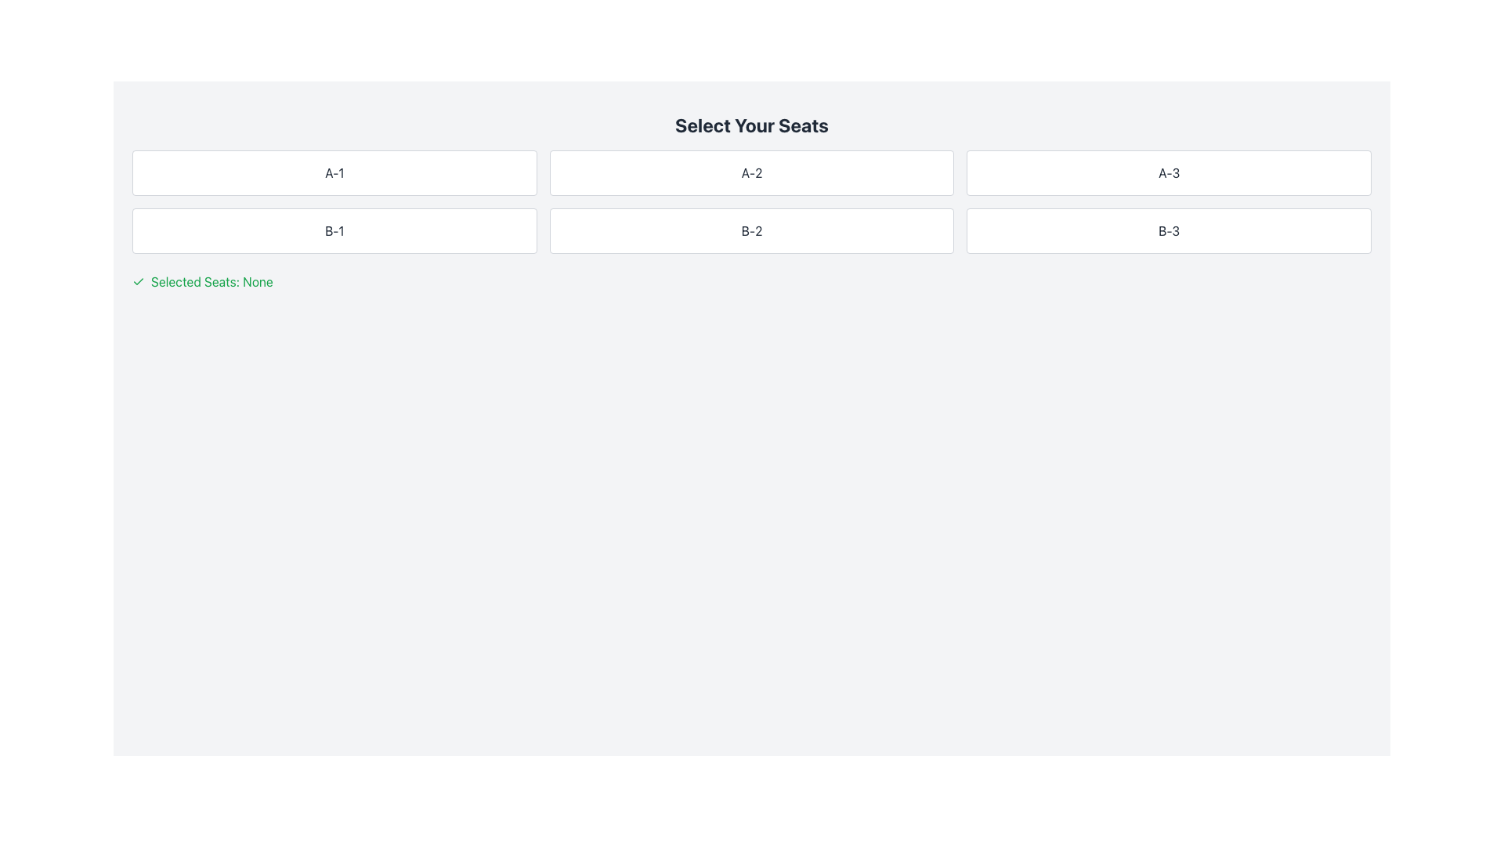 The height and width of the screenshot is (846, 1504). What do you see at coordinates (334, 172) in the screenshot?
I see `the button labeled 'A-1' located in the top-left corner of the grid layout` at bounding box center [334, 172].